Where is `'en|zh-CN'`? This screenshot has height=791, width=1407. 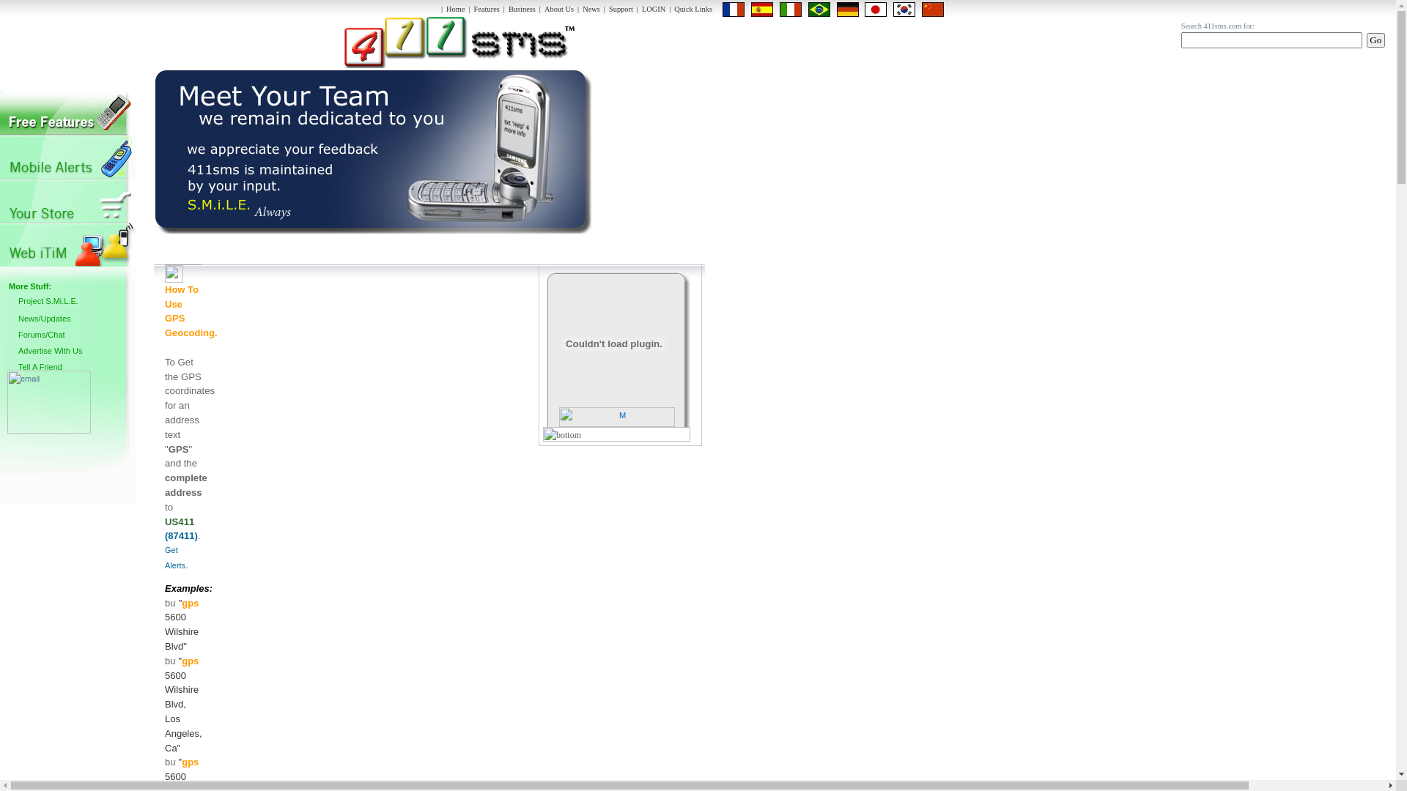
'en|zh-CN' is located at coordinates (931, 9).